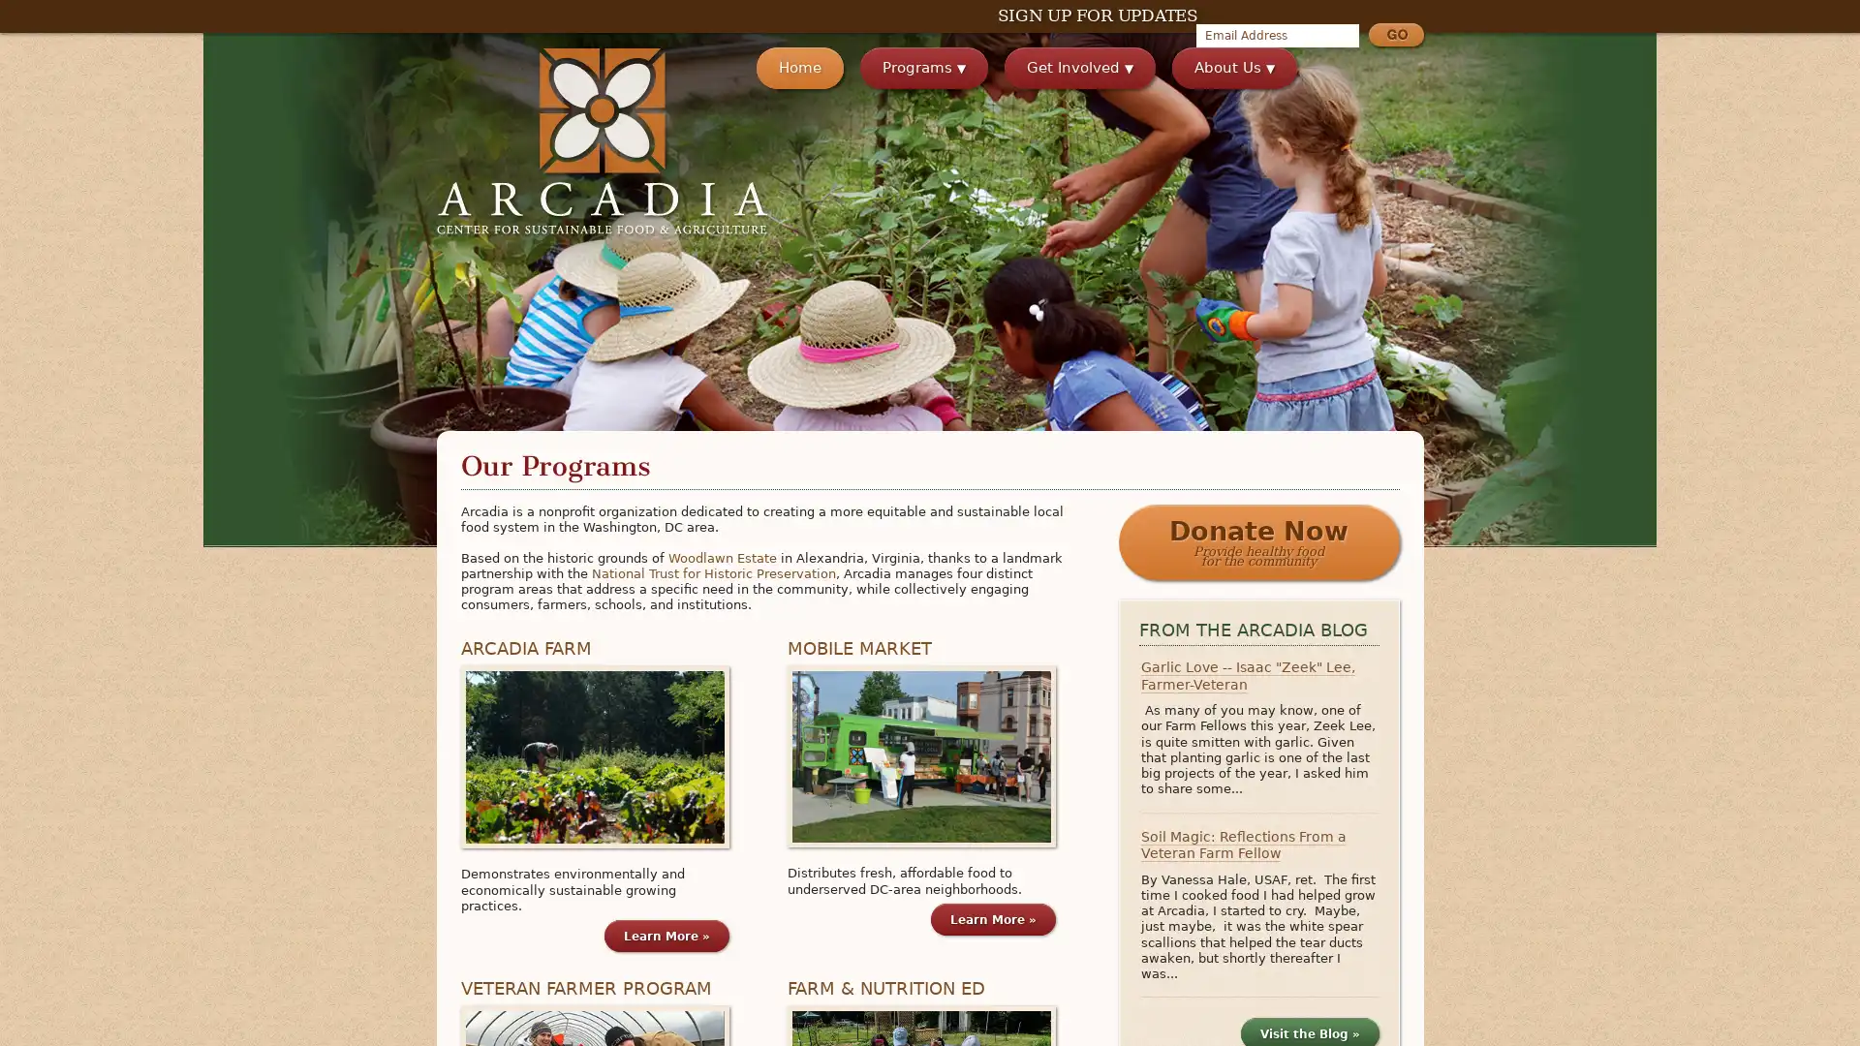  What do you see at coordinates (1395, 37) in the screenshot?
I see `Submit` at bounding box center [1395, 37].